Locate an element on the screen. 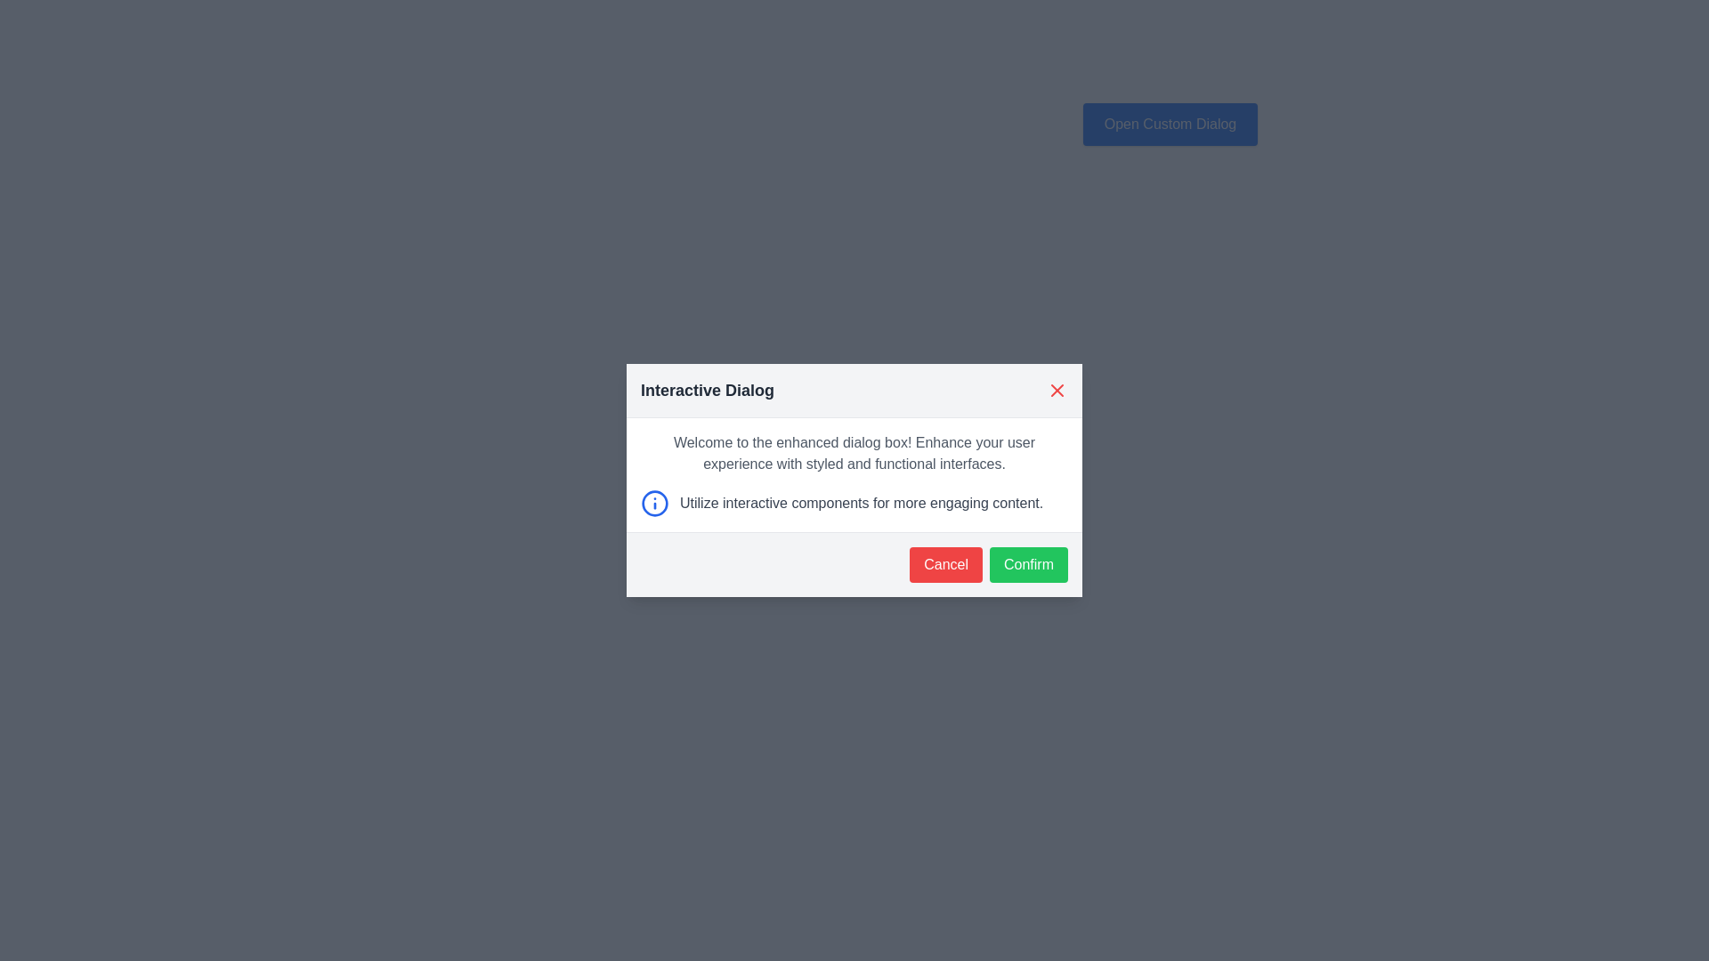  the informational text block located at the center of the dialog box, which follows the title 'Interactive Dialog' is located at coordinates (854, 452).